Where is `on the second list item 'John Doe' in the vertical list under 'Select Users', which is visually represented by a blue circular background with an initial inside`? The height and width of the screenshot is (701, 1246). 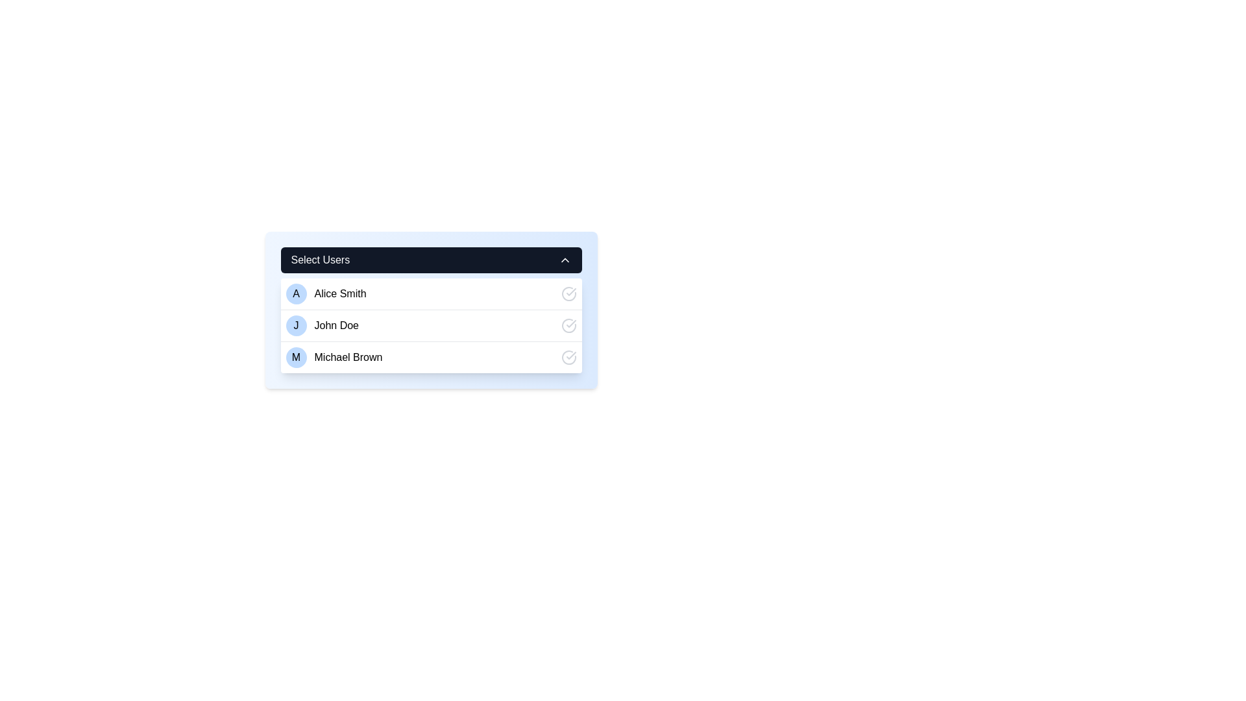
on the second list item 'John Doe' in the vertical list under 'Select Users', which is visually represented by a blue circular background with an initial inside is located at coordinates (431, 325).